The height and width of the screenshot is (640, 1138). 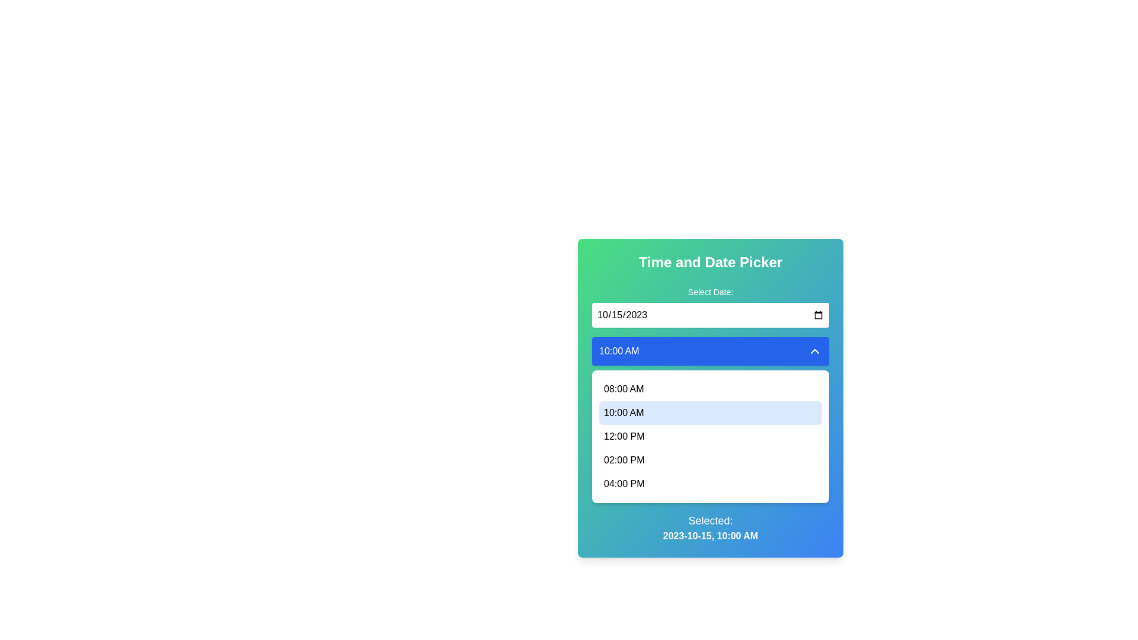 What do you see at coordinates (623, 412) in the screenshot?
I see `the time option '10:00 AM'` at bounding box center [623, 412].